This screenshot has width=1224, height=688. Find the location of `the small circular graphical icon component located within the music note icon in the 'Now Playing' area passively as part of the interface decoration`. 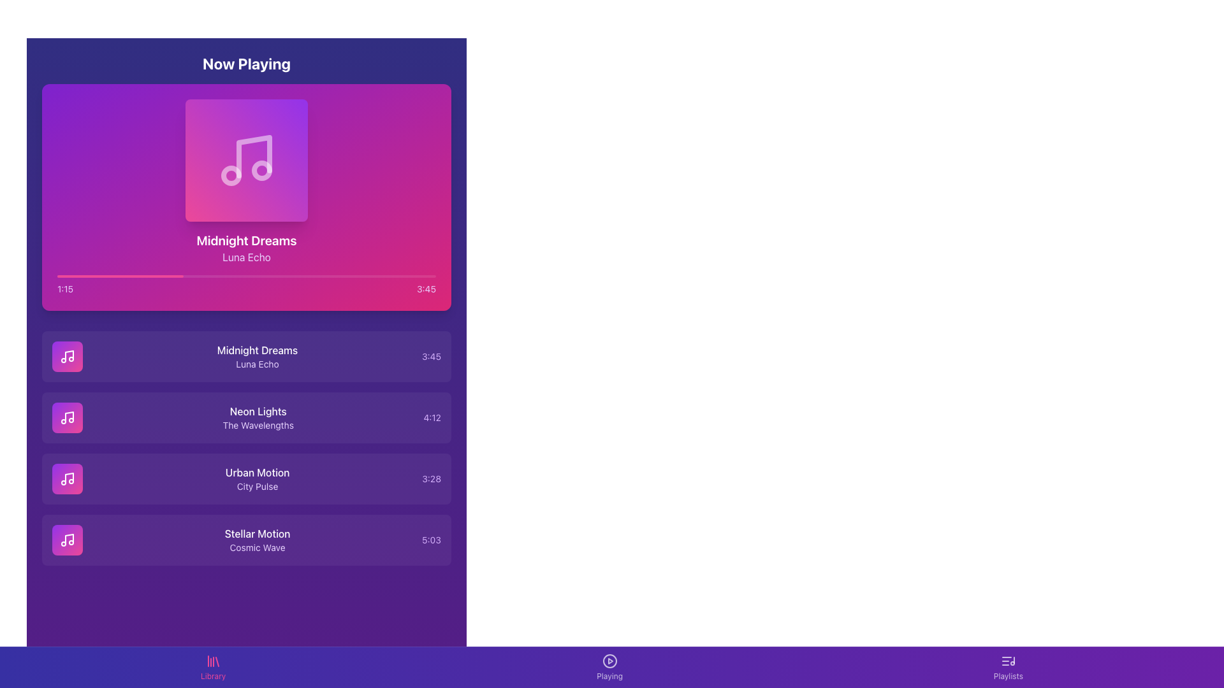

the small circular graphical icon component located within the music note icon in the 'Now Playing' area passively as part of the interface decoration is located at coordinates (261, 169).